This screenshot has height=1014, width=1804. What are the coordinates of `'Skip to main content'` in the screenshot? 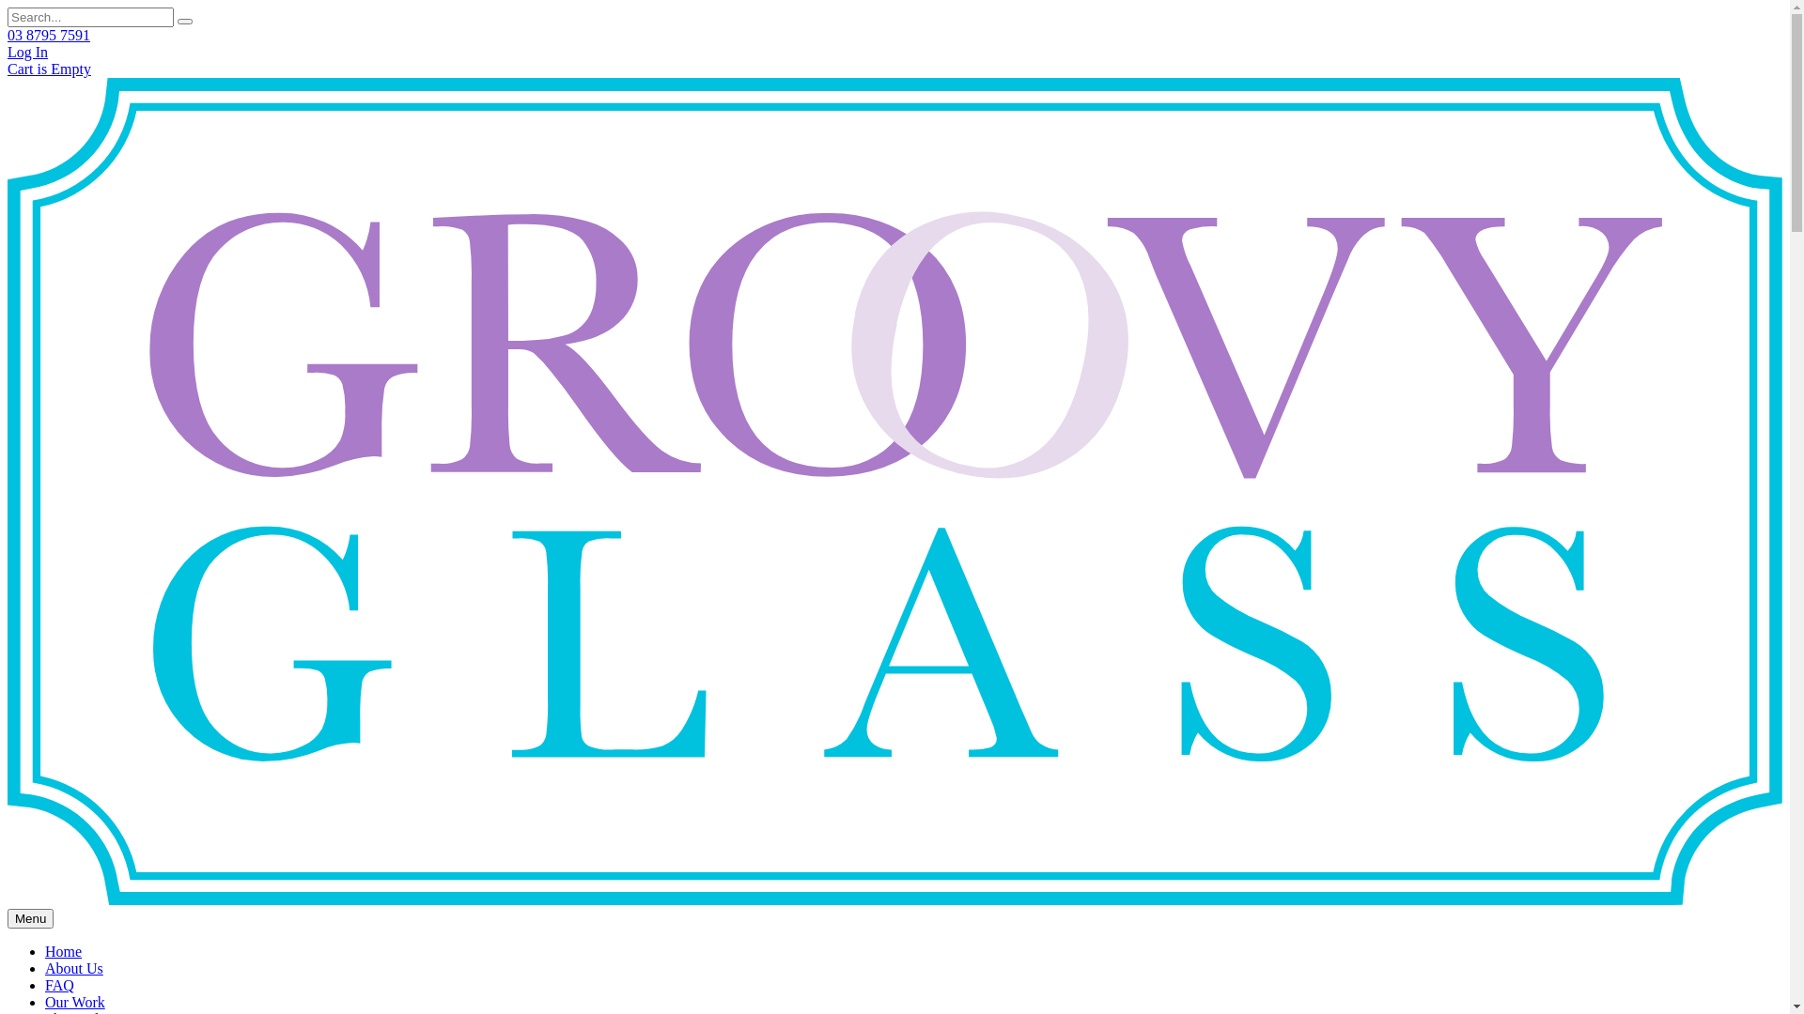 It's located at (6, 7).